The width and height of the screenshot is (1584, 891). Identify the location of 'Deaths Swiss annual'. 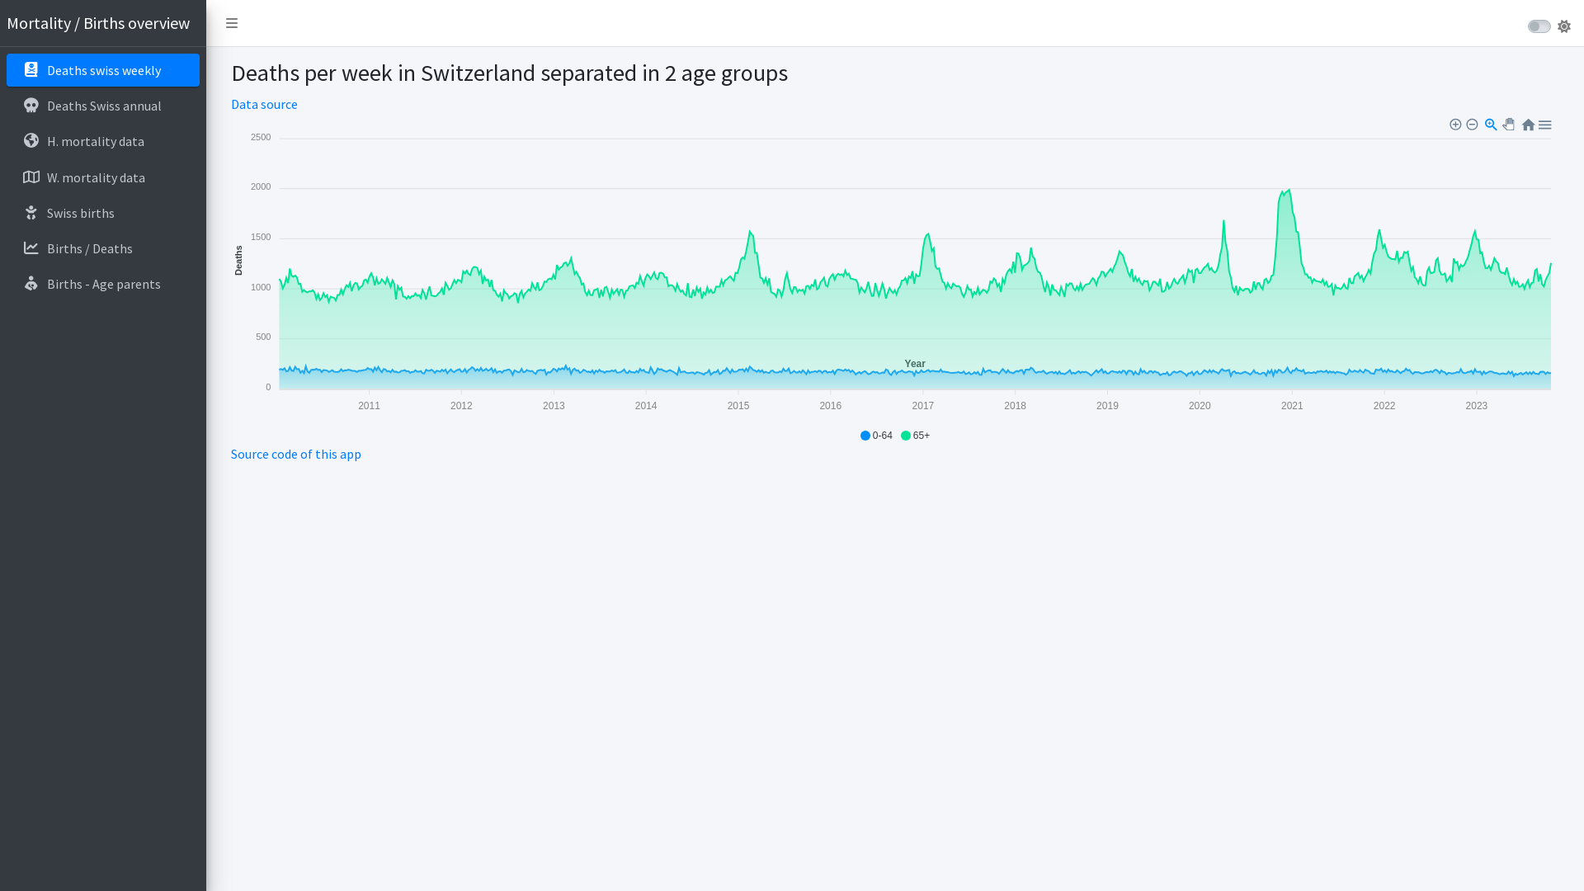
(101, 105).